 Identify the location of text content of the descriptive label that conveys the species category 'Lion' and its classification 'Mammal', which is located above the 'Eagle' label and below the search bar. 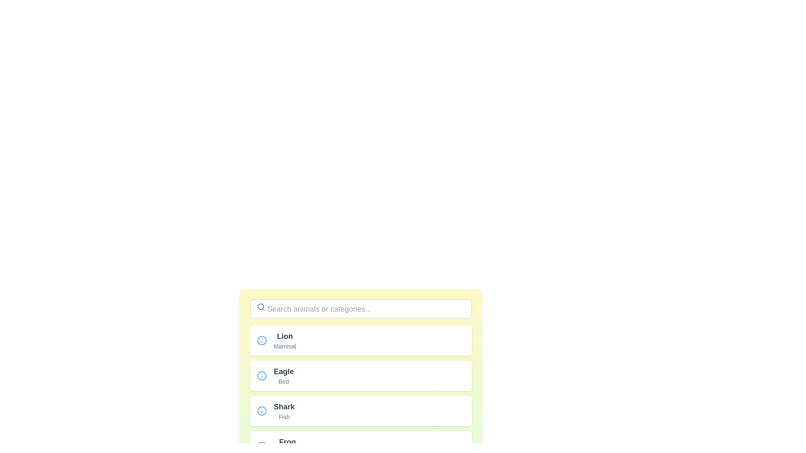
(285, 341).